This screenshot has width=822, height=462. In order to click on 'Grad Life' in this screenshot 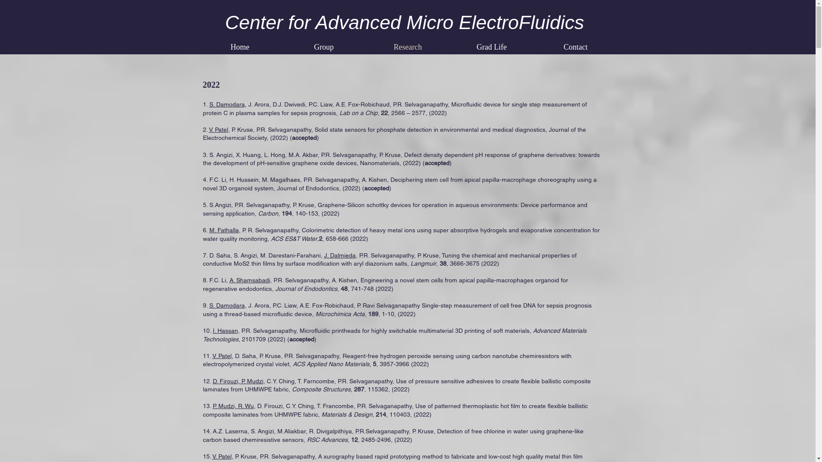, I will do `click(491, 47)`.